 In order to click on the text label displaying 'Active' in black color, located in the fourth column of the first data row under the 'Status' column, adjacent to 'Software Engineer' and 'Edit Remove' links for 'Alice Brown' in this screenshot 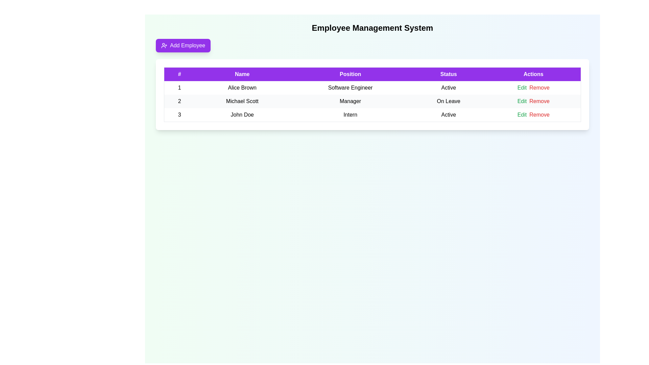, I will do `click(449, 87)`.